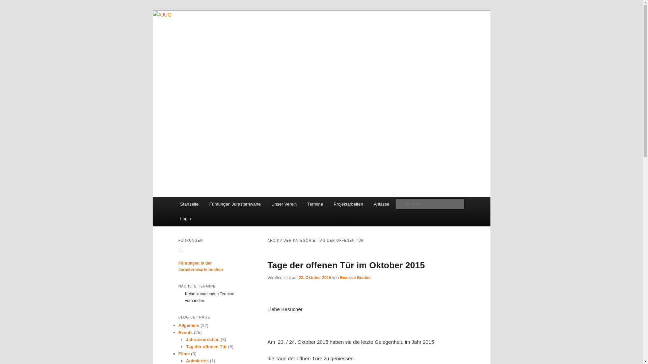  Describe the element at coordinates (355, 278) in the screenshot. I see `'Beatrice Bucher'` at that location.